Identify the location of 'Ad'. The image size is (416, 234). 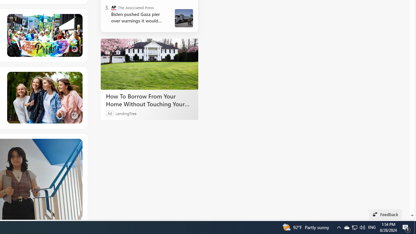
(110, 113).